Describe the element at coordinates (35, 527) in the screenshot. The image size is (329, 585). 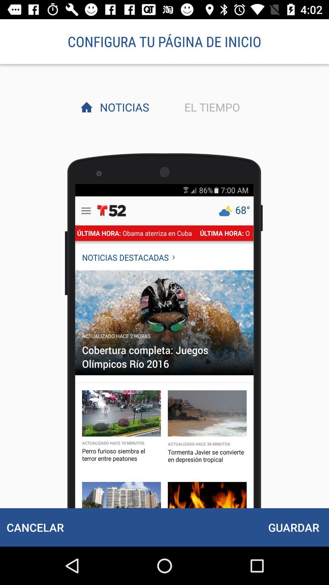
I see `the icon to the left of guardar icon` at that location.